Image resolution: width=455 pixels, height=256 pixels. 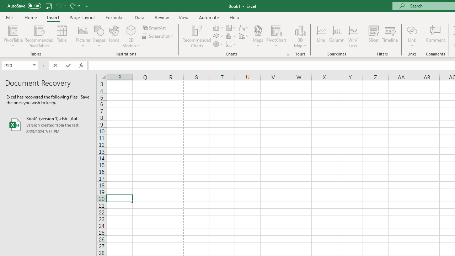 I want to click on 'Insert Pie or Doughnut Chart', so click(x=218, y=44).